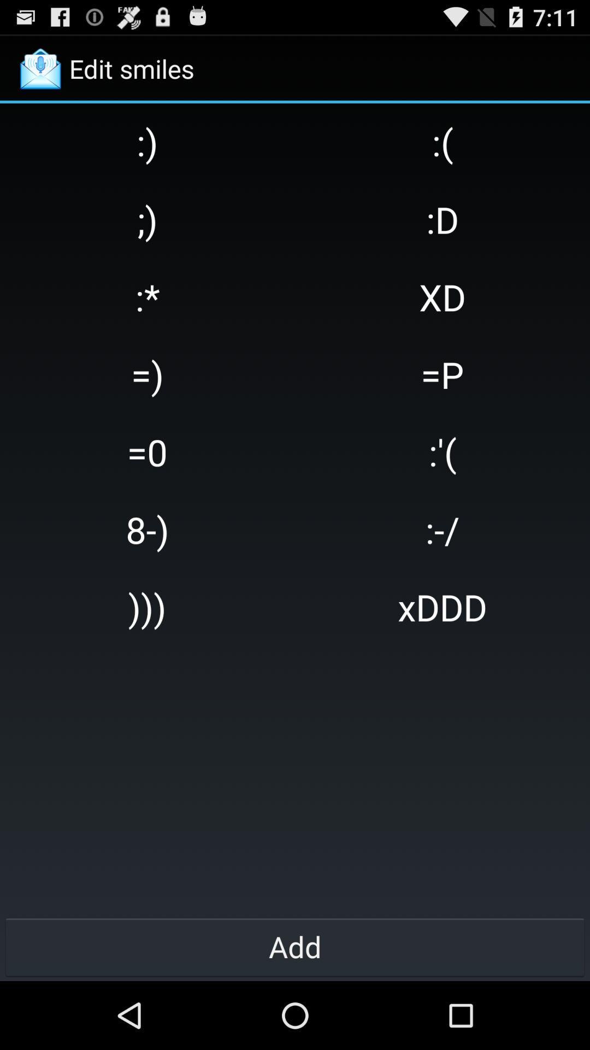 The width and height of the screenshot is (590, 1050). I want to click on add, so click(295, 946).